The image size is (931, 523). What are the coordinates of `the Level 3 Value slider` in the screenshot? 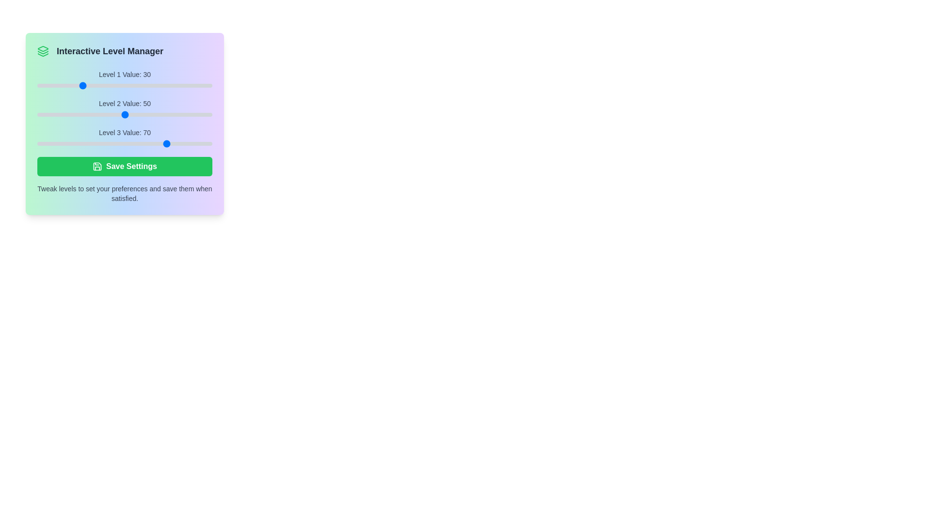 It's located at (124, 144).